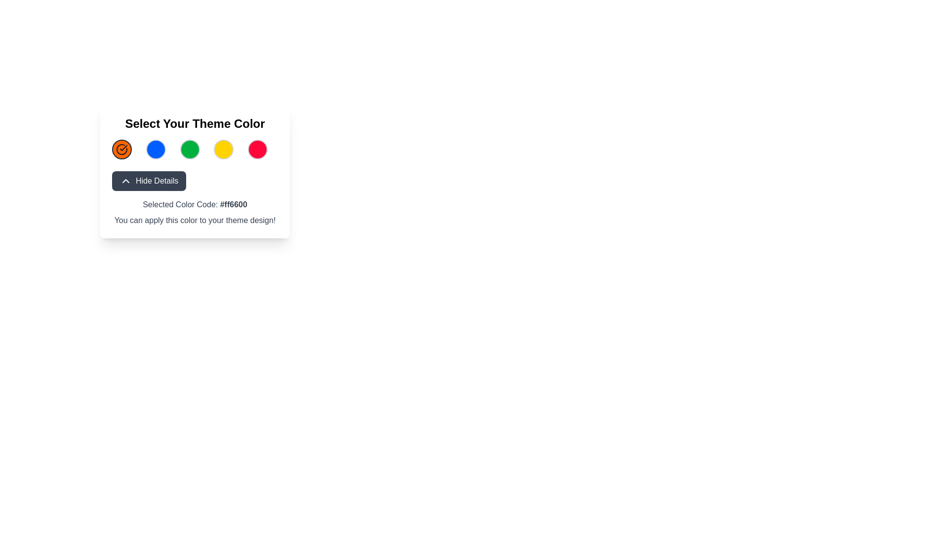 Image resolution: width=948 pixels, height=533 pixels. Describe the element at coordinates (233, 204) in the screenshot. I see `the static text label displaying the color code '#ff6600' which is located after the colon in the text block labeled 'Selected Color Code:'` at that location.